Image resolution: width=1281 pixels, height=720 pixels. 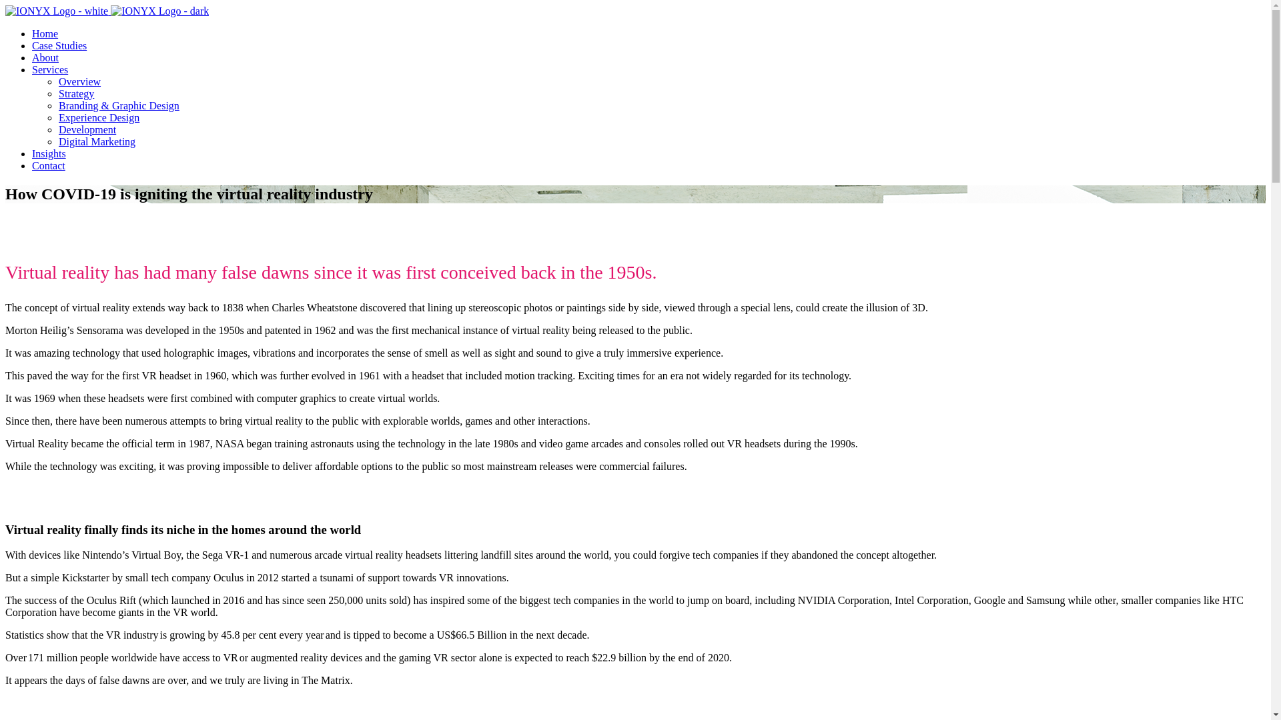 I want to click on 'Experience Design', so click(x=57, y=117).